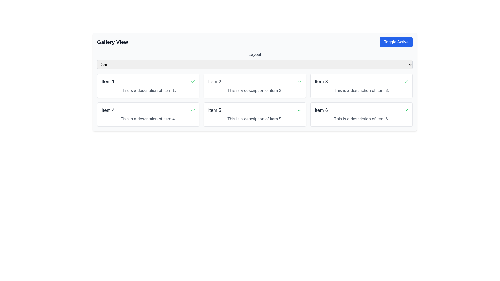 The height and width of the screenshot is (281, 500). I want to click on text of the 'Layout' label, which is a medium-sized gray text positioned at the top of the section above the 'GridList' dropdown menu, so click(255, 54).